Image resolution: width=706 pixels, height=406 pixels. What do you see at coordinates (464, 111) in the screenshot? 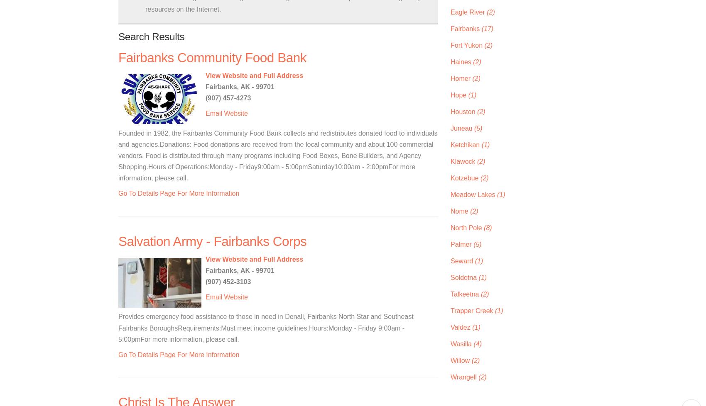
I see `'Houston'` at bounding box center [464, 111].